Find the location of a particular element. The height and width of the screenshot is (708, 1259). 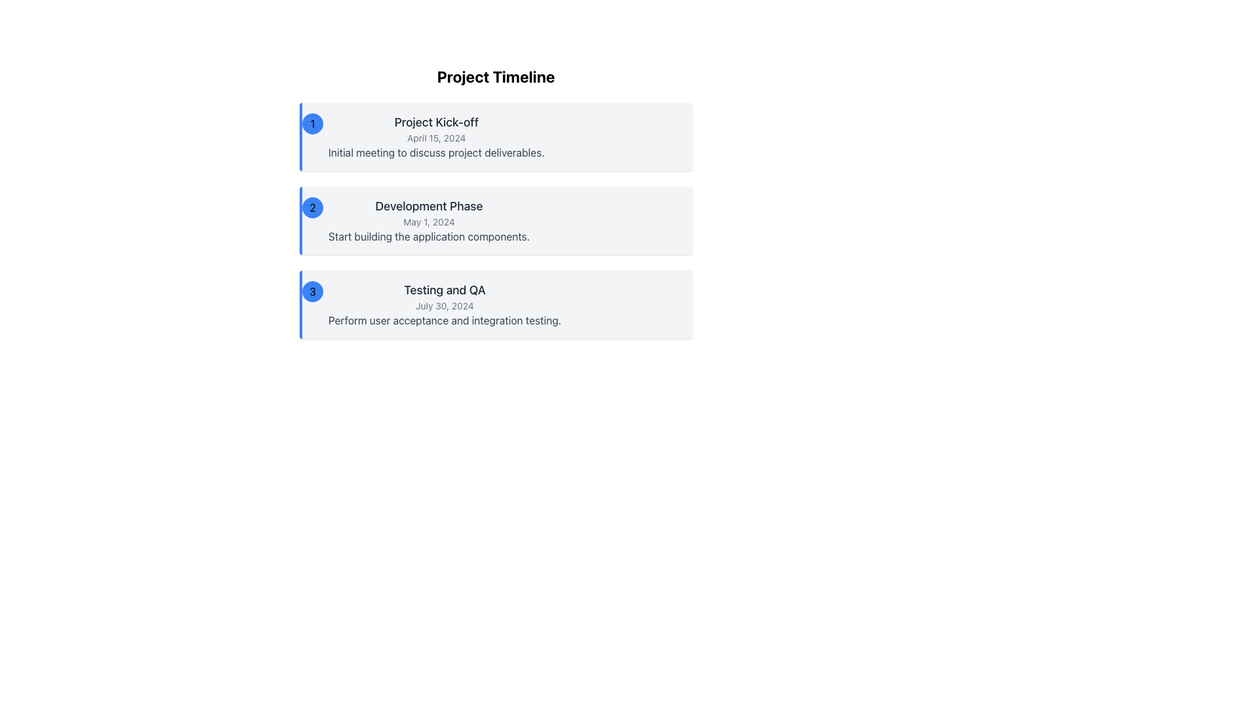

the third card in the Project Timeline titled 'Testing and QA' using the keyboard for focus is located at coordinates (495, 305).